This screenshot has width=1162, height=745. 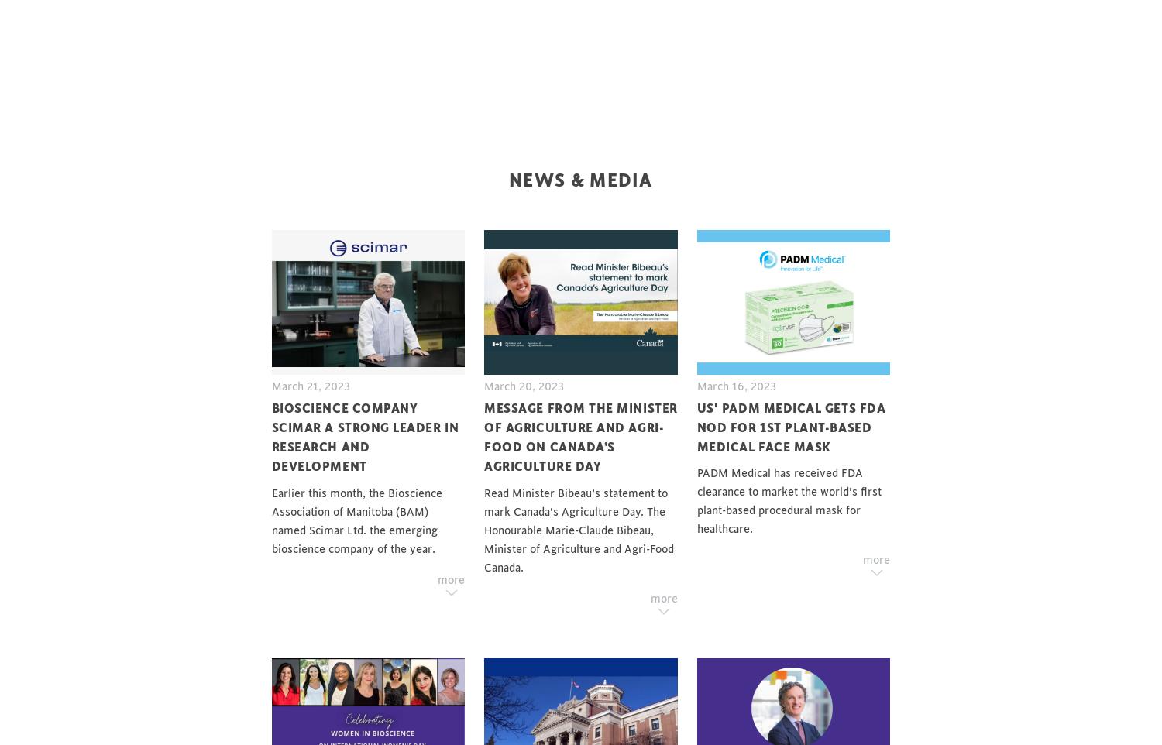 I want to click on 'March 20, 2023', so click(x=484, y=385).